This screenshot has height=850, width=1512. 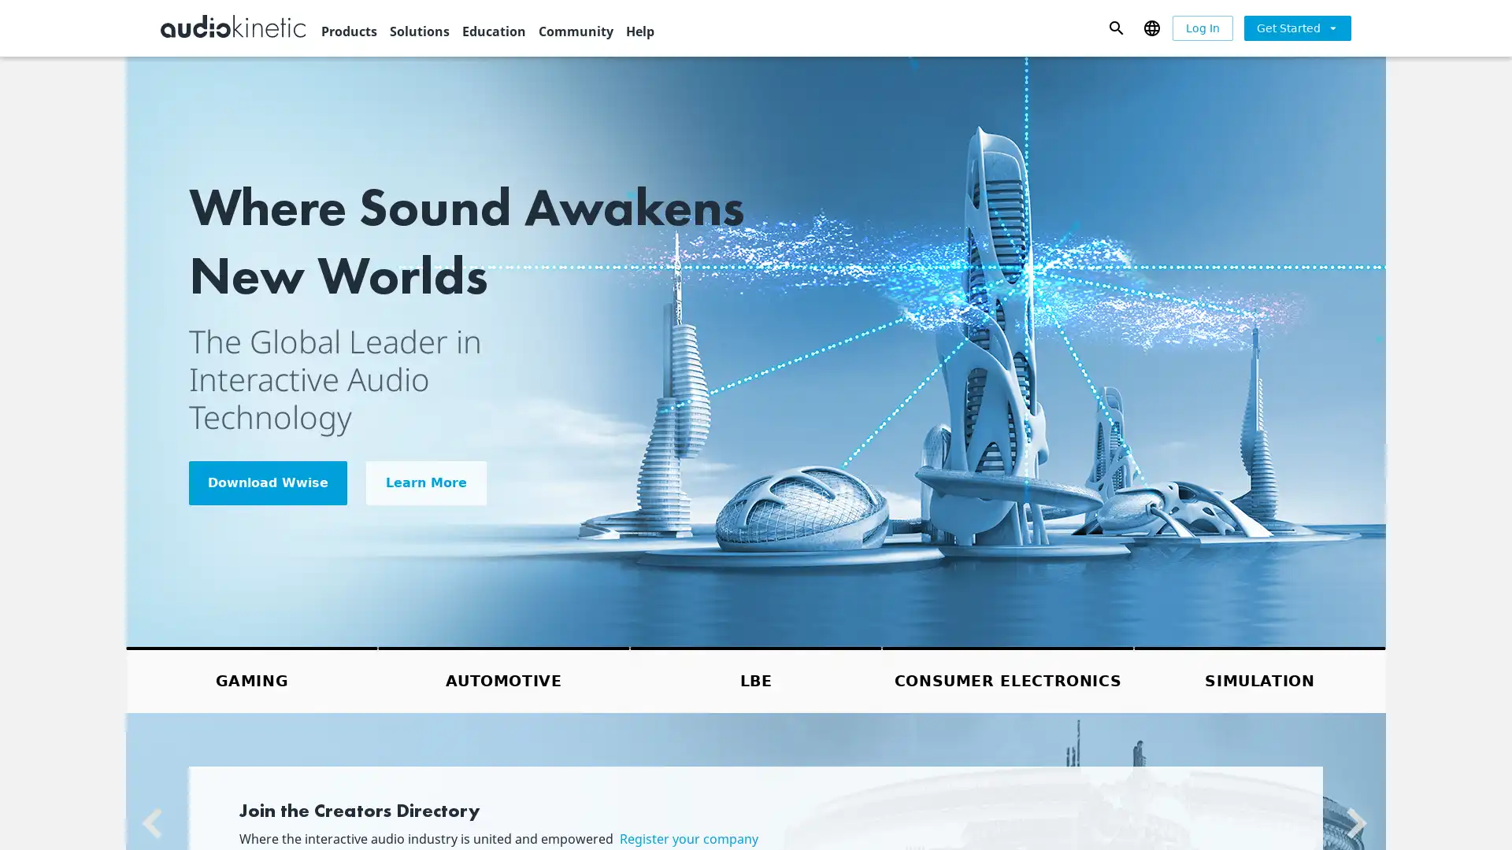 What do you see at coordinates (502, 678) in the screenshot?
I see `AUTOMOTIVE` at bounding box center [502, 678].